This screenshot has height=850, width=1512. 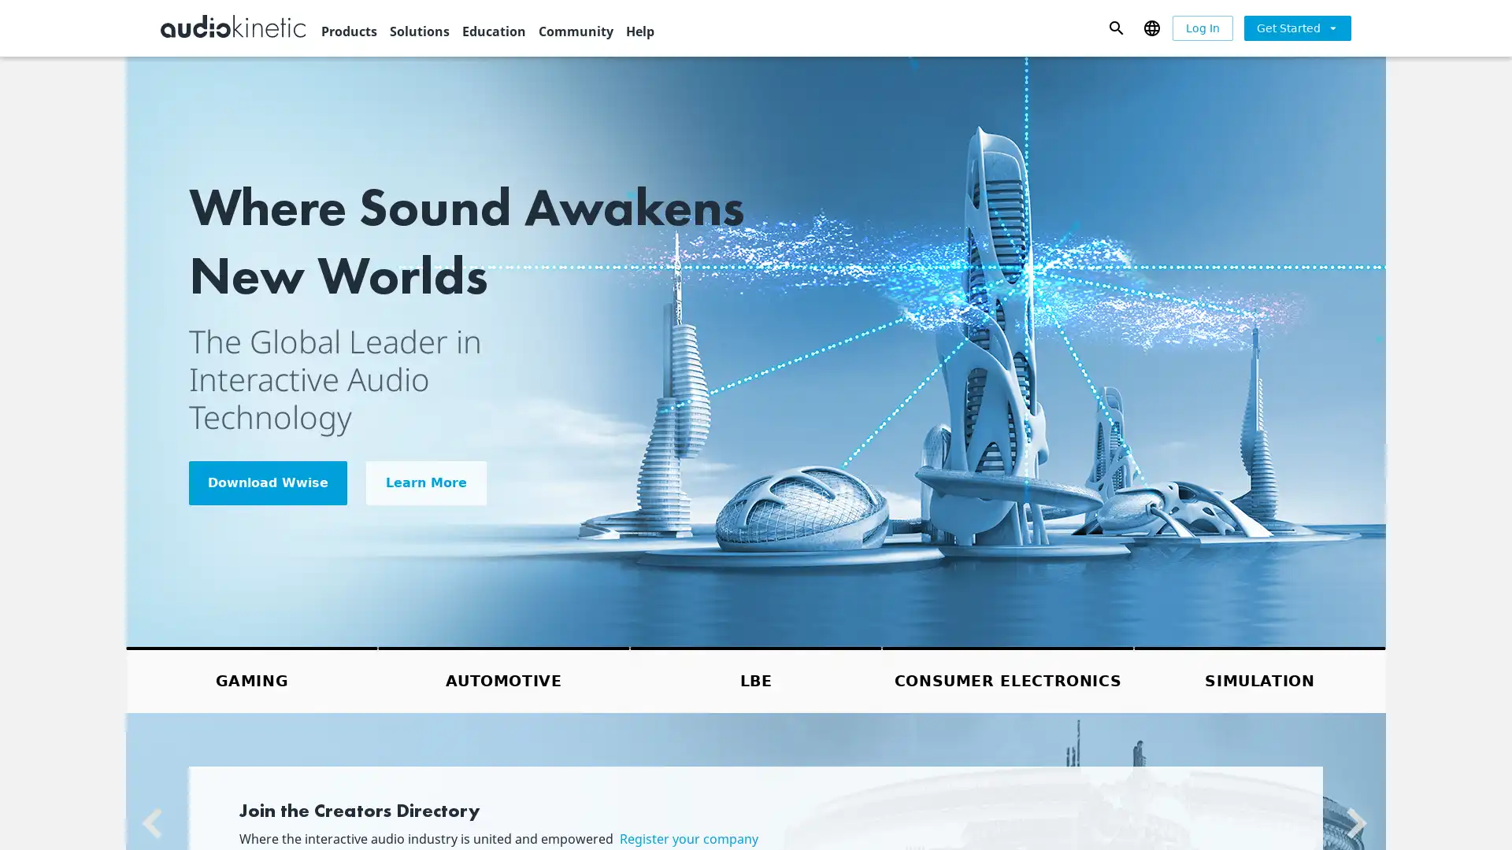 What do you see at coordinates (502, 678) in the screenshot?
I see `AUTOMOTIVE` at bounding box center [502, 678].